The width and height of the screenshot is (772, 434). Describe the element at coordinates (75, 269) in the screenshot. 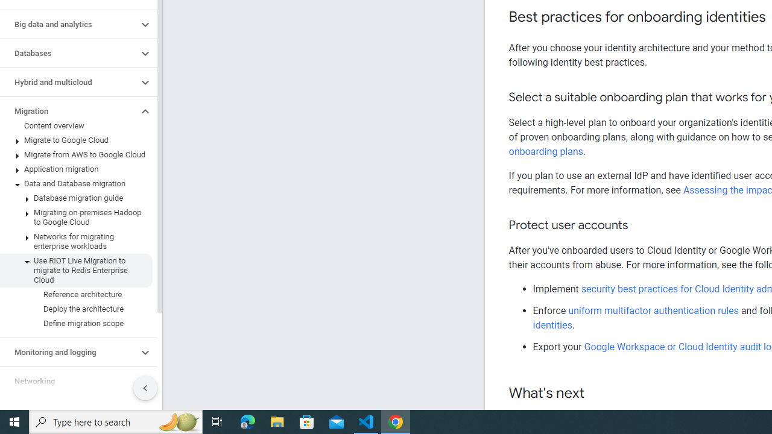

I see `'Use RIOT Live Migration to migrate to Redis Enterprise Cloud'` at that location.